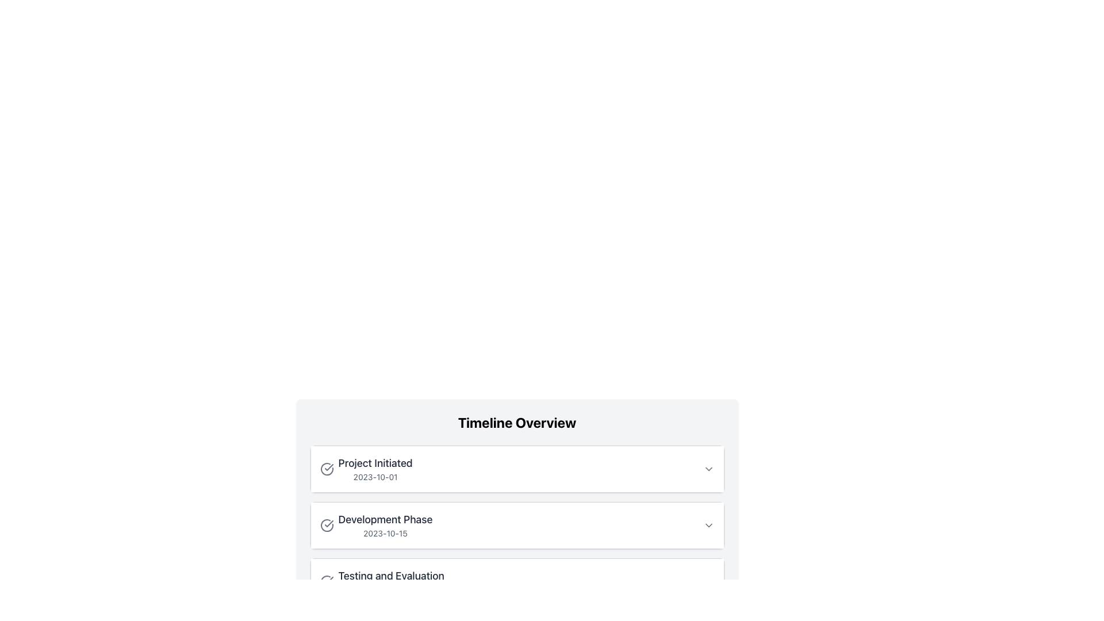 The width and height of the screenshot is (1104, 621). Describe the element at coordinates (326, 526) in the screenshot. I see `the completion confirmation icon located to the left of the text 'Development Phase' and above the date '2023-10-15'` at that location.